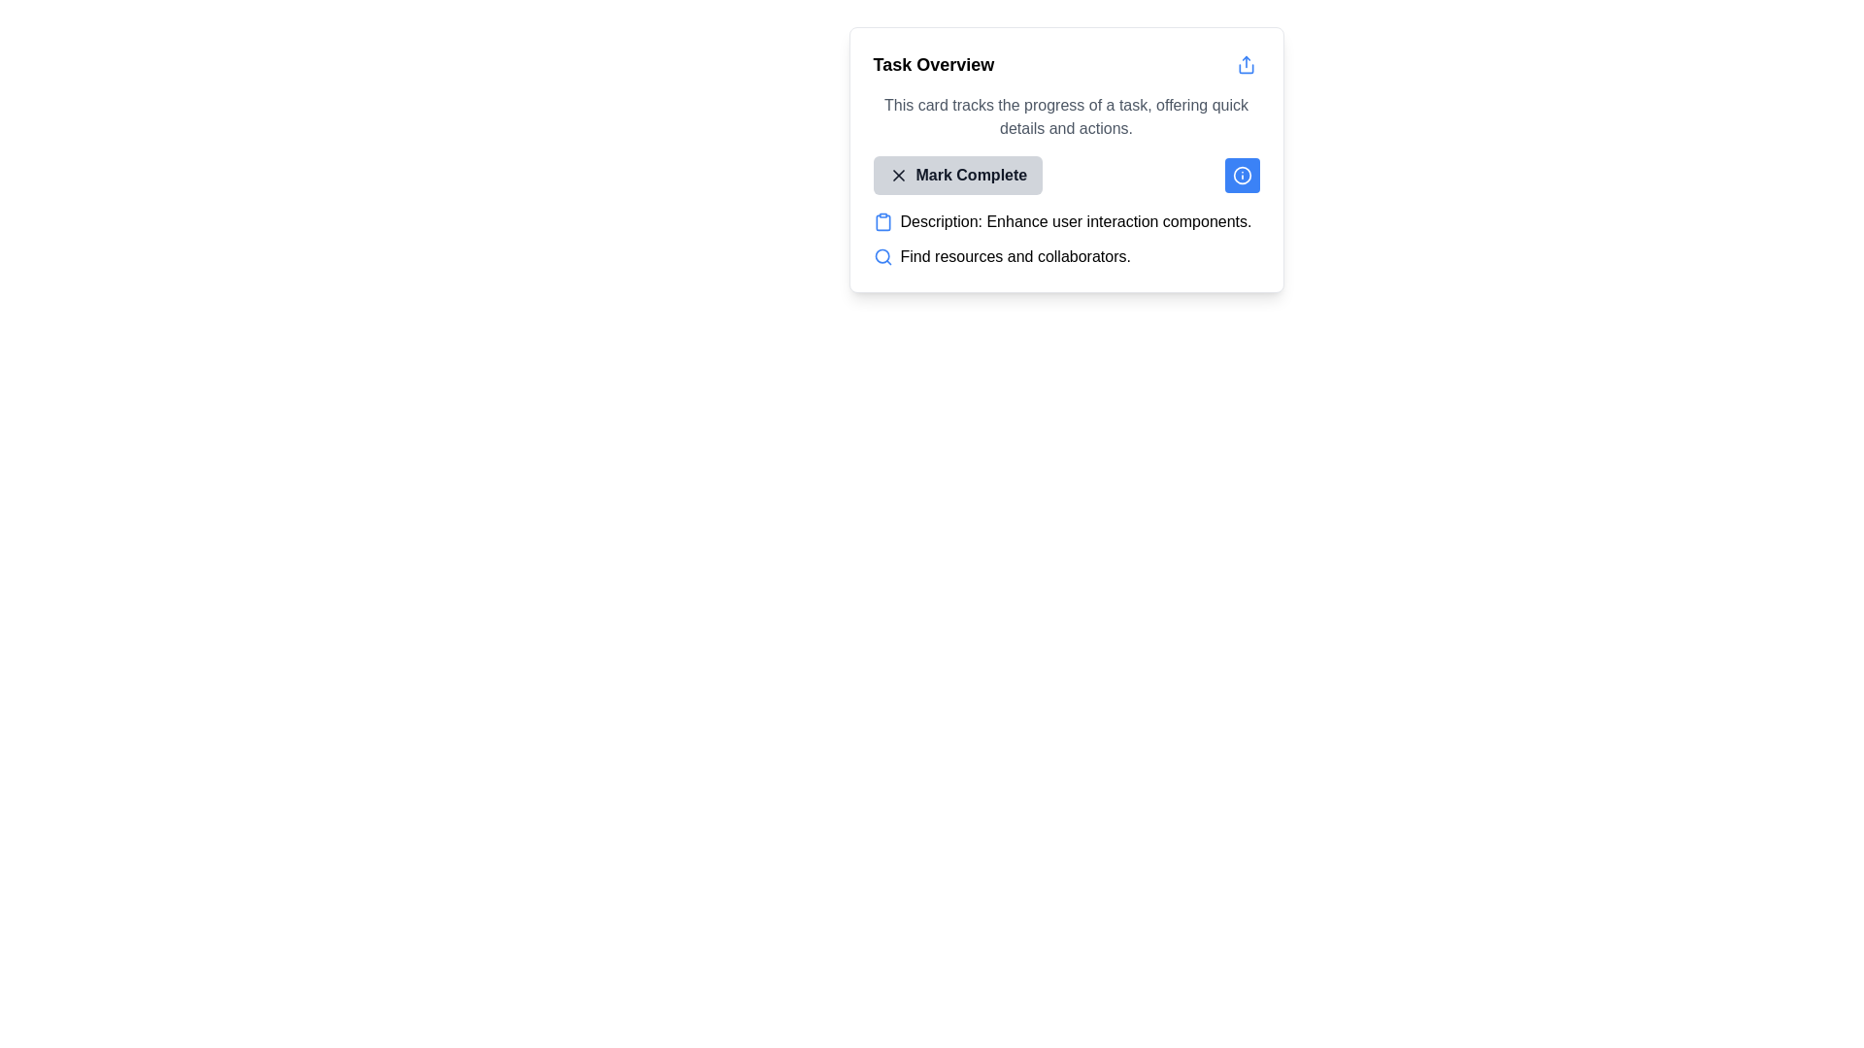 Image resolution: width=1864 pixels, height=1048 pixels. I want to click on the share icon button located in the top-right corner of the 'Task Overview' card to invoke the share functionality, so click(1246, 63).